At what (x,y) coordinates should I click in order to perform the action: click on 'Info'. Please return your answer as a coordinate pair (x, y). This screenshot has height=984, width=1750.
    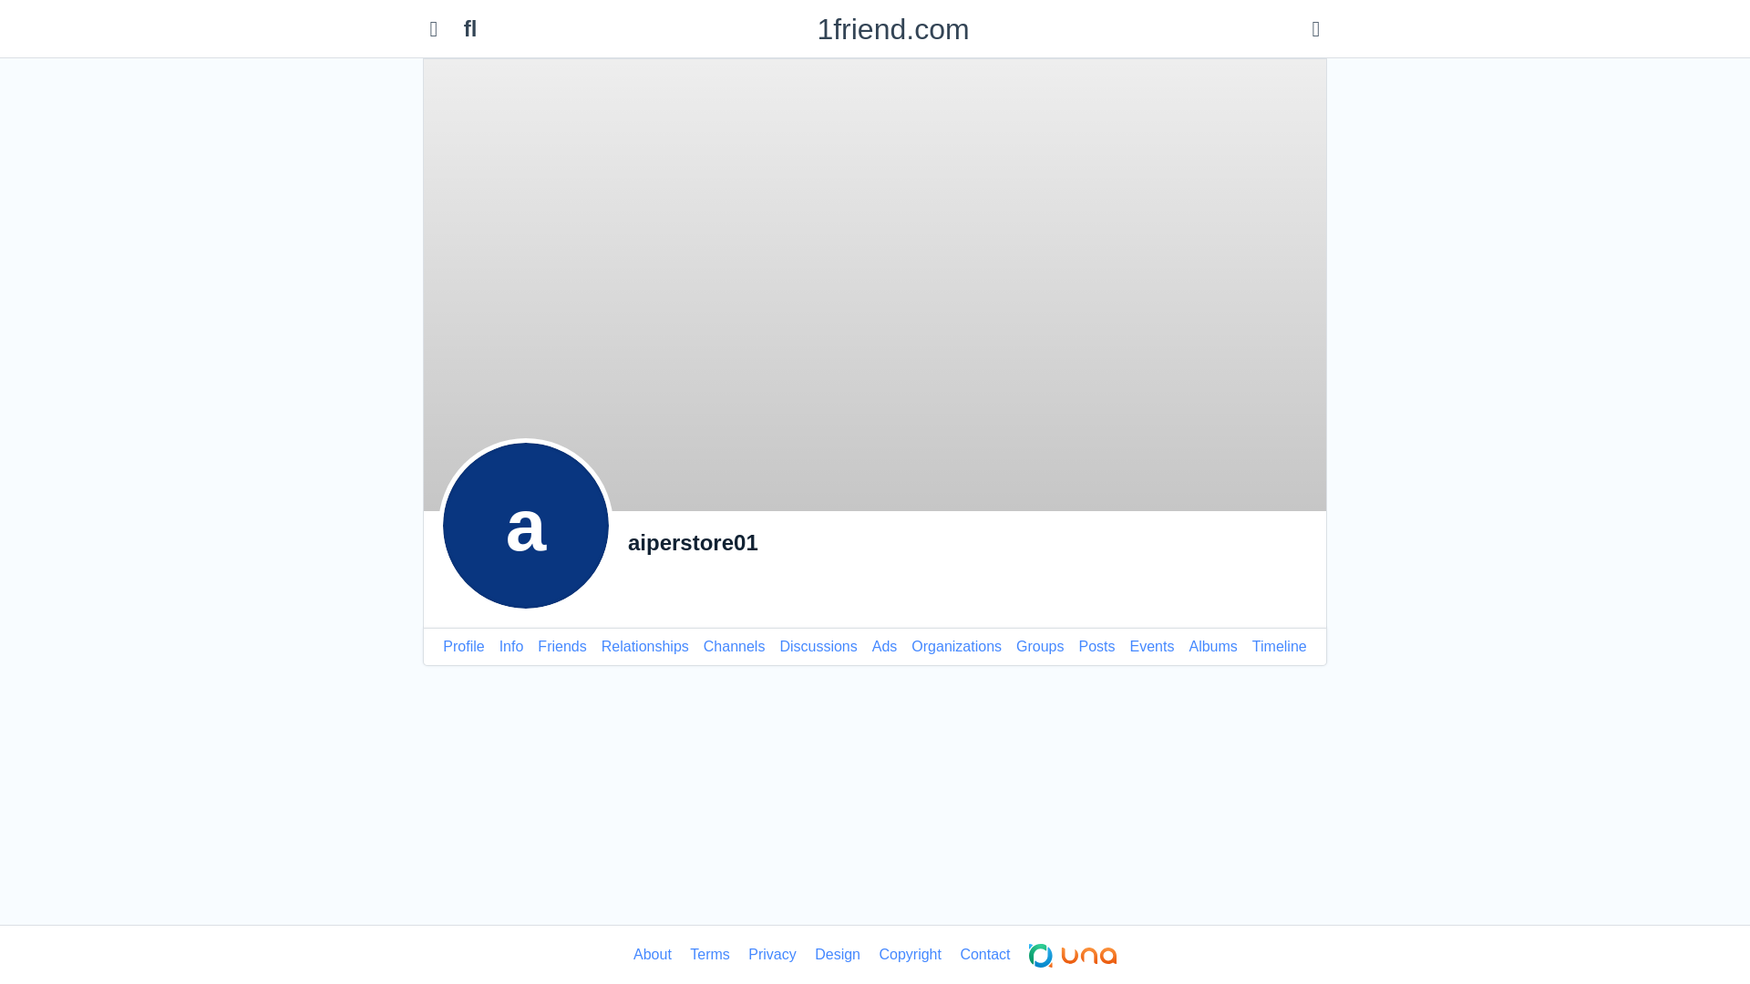
    Looking at the image, I should click on (499, 645).